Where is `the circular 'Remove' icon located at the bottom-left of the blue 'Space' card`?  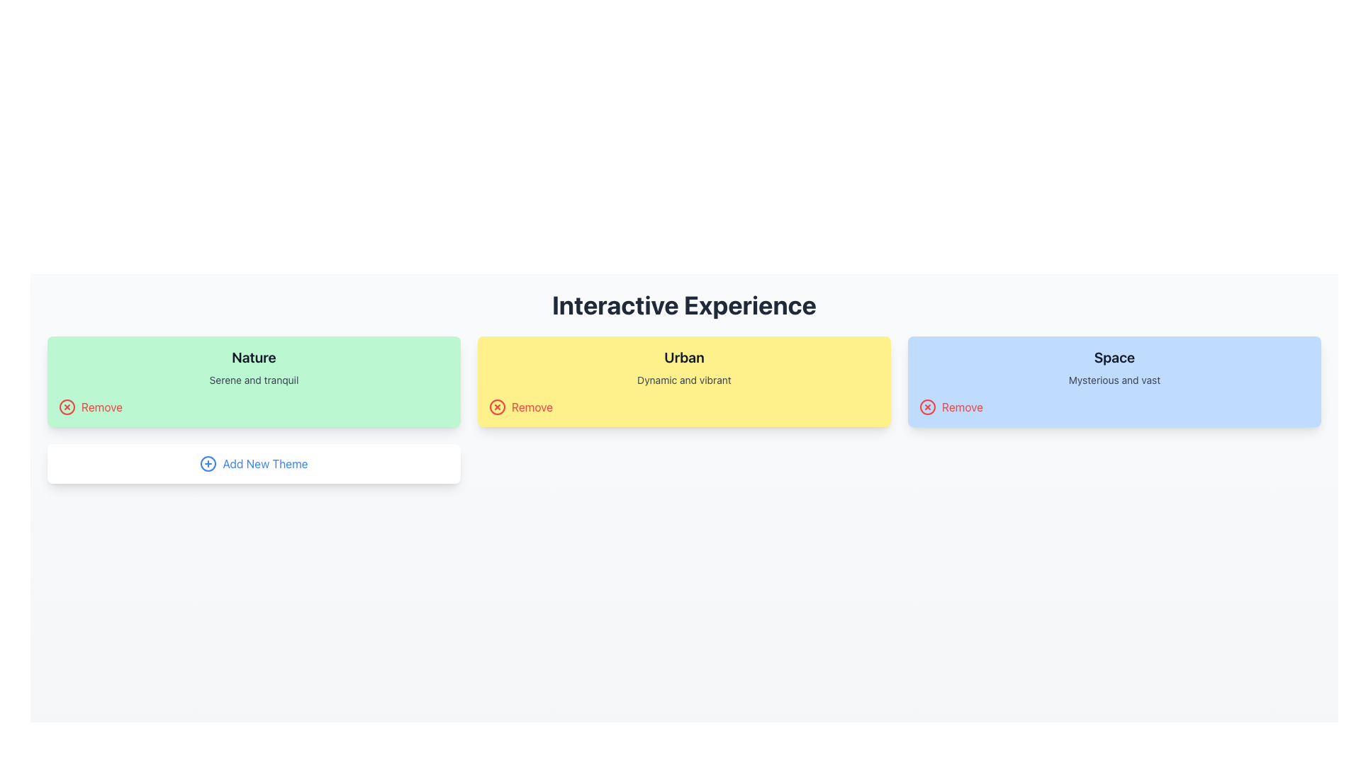 the circular 'Remove' icon located at the bottom-left of the blue 'Space' card is located at coordinates (928, 407).